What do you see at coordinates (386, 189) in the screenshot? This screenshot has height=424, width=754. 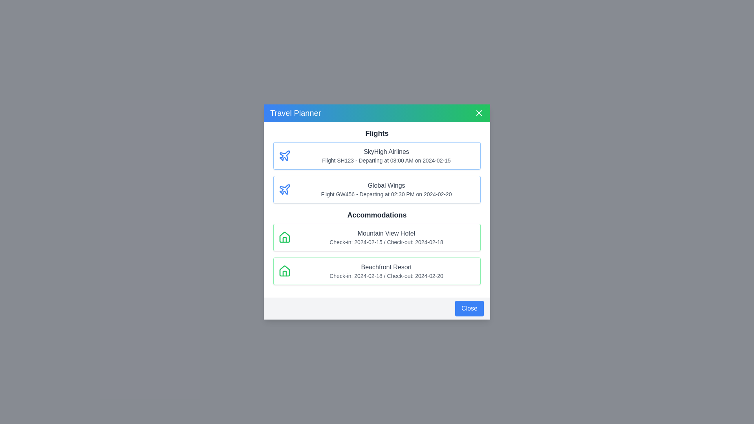 I see `the Text information component that provides flight details, located second in the vertical stack within the 'Flights' section of the 'Travel Planner' interface` at bounding box center [386, 189].